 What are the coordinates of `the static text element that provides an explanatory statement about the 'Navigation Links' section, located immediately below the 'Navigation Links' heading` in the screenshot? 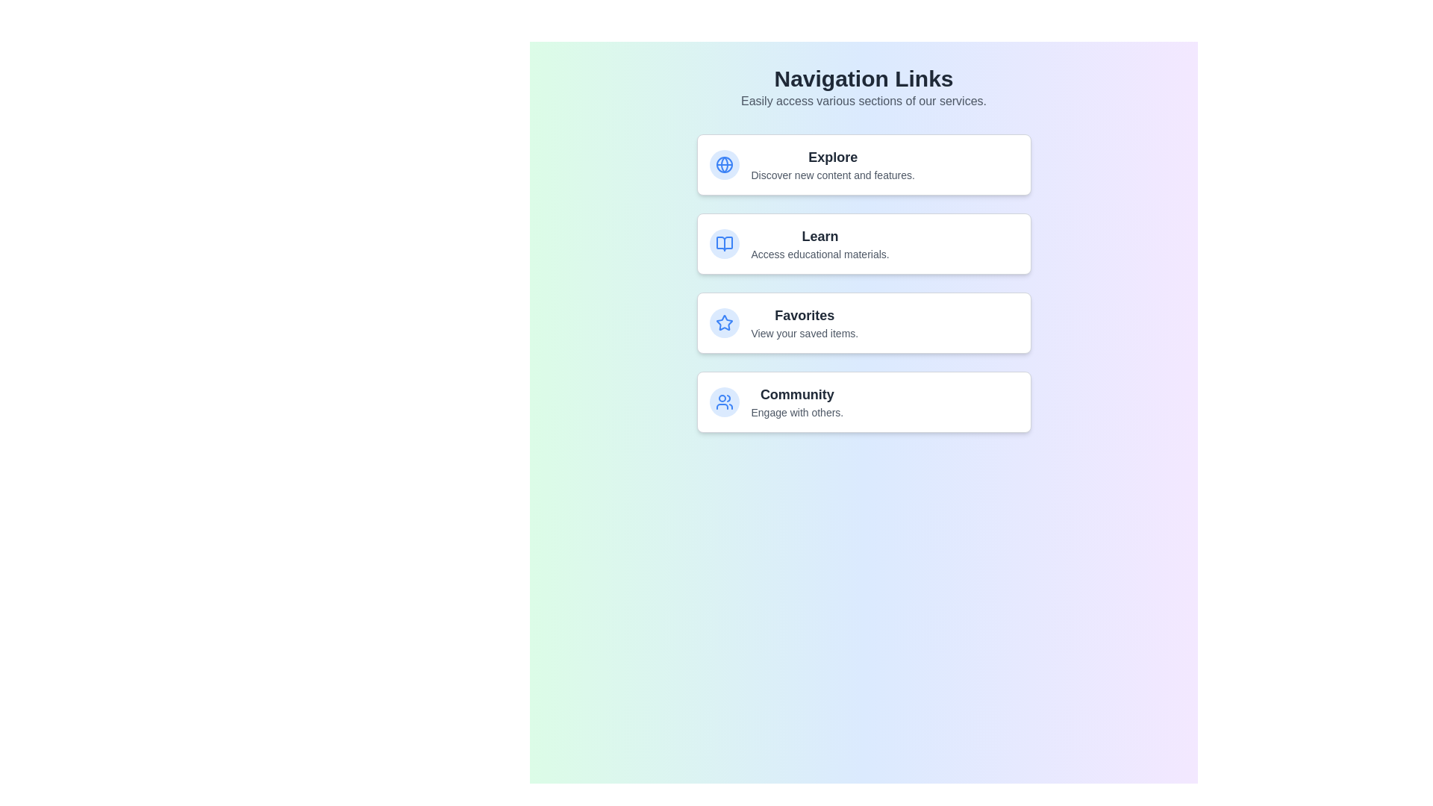 It's located at (864, 101).